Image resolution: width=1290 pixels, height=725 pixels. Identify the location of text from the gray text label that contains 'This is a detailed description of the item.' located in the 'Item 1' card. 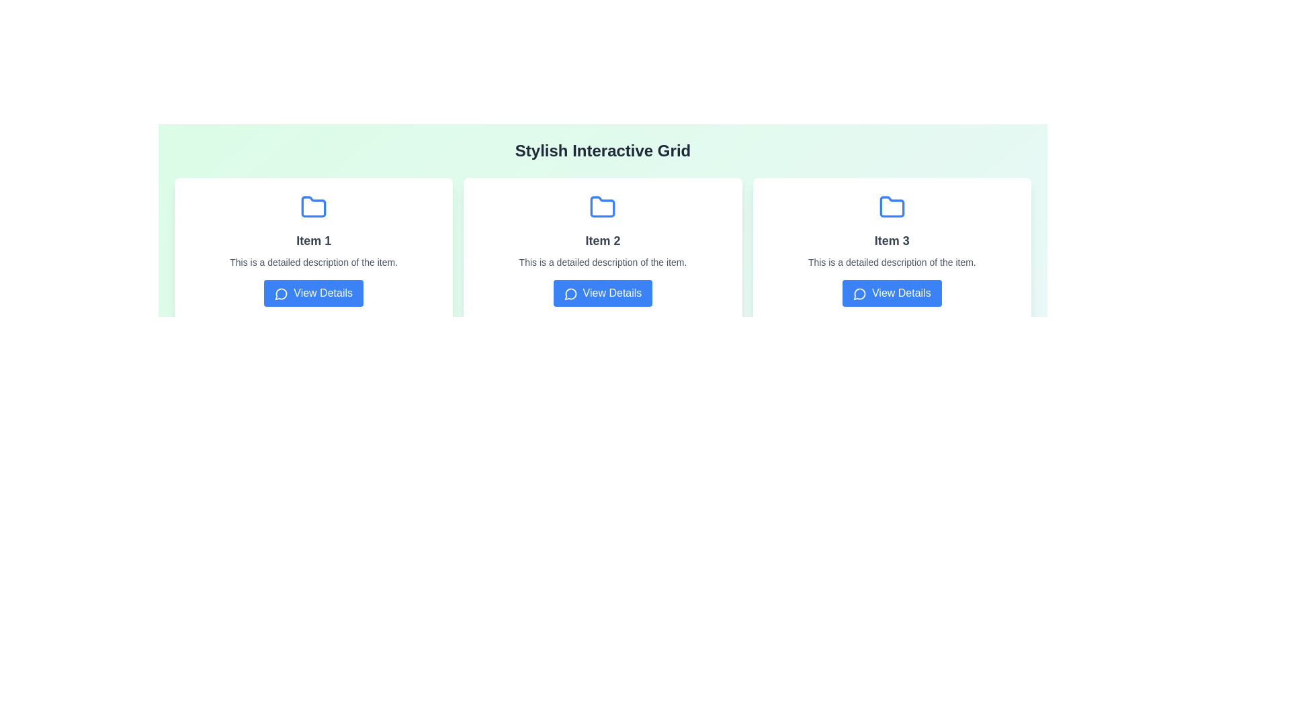
(313, 262).